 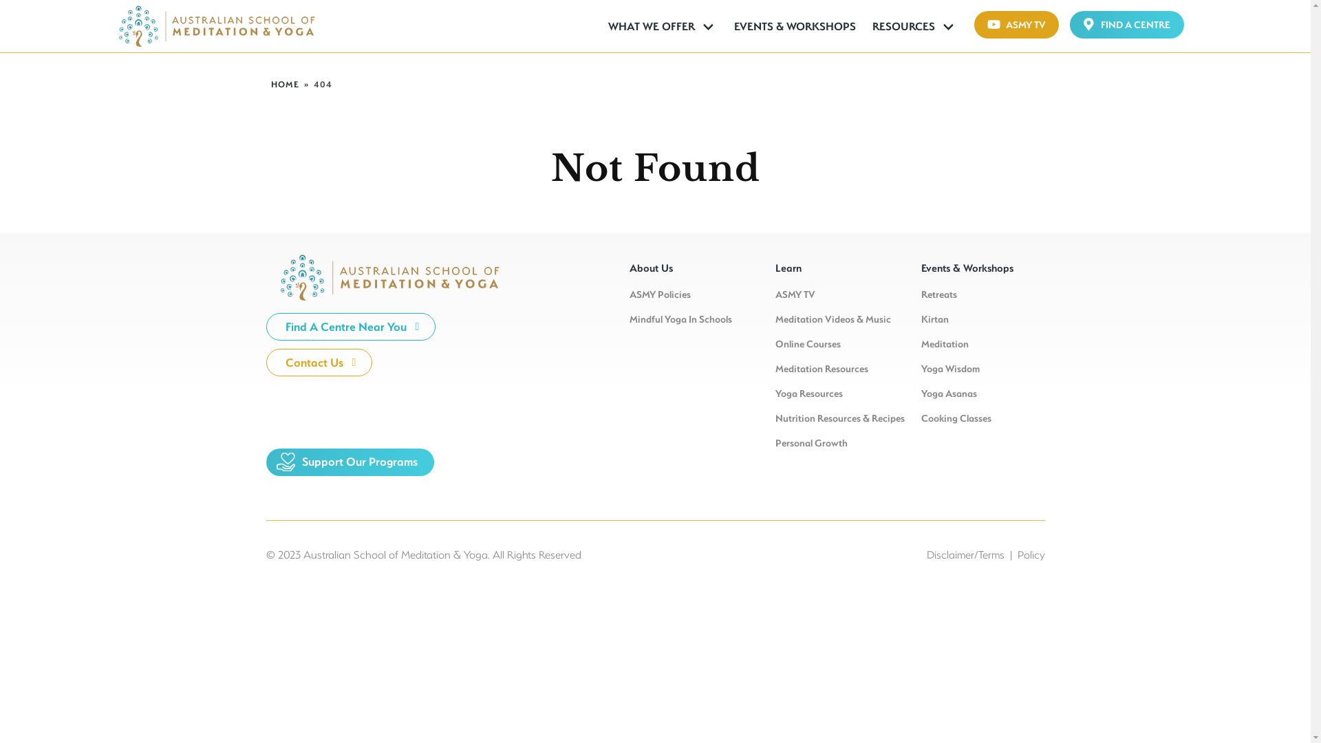 I want to click on 'Kirtan', so click(x=934, y=319).